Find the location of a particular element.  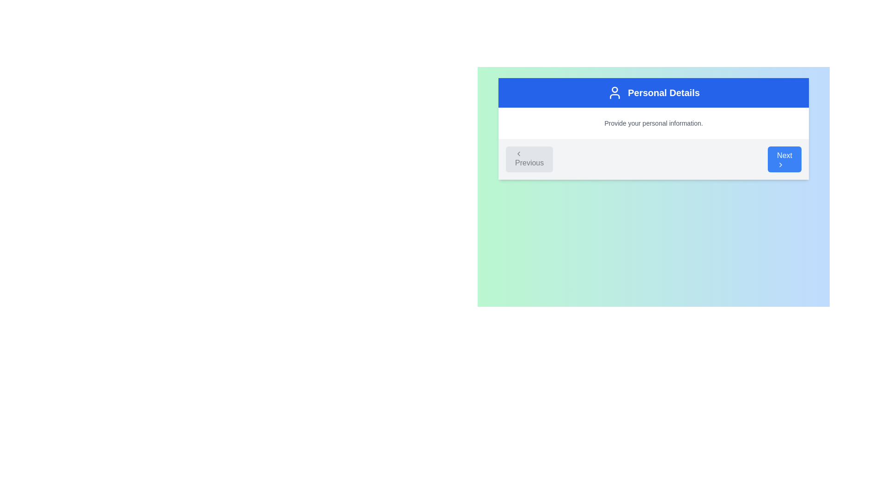

the 'Personal Details' static text label, which is a bold white text on a blue background, located in the header section of the display is located at coordinates (663, 92).